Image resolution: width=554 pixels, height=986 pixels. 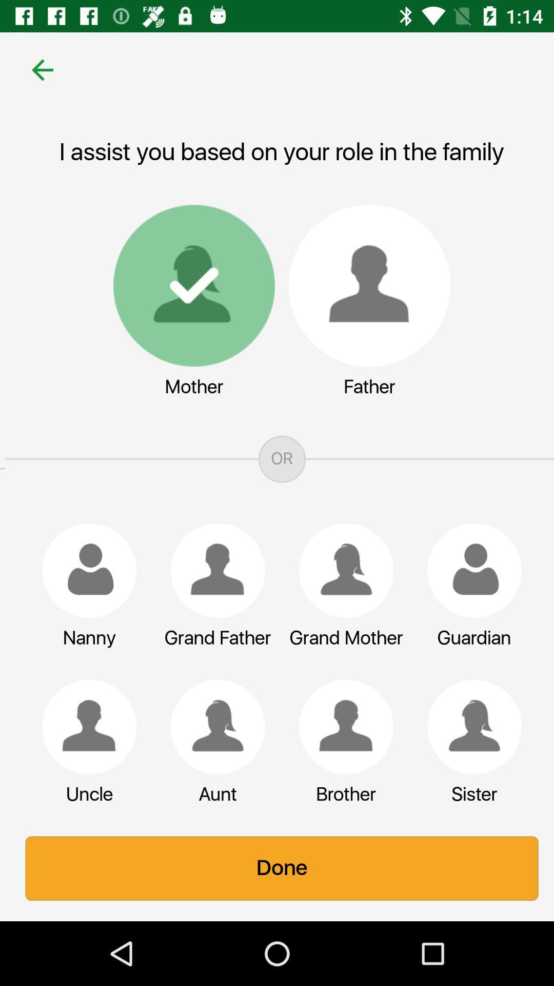 I want to click on item above the brother item, so click(x=341, y=726).